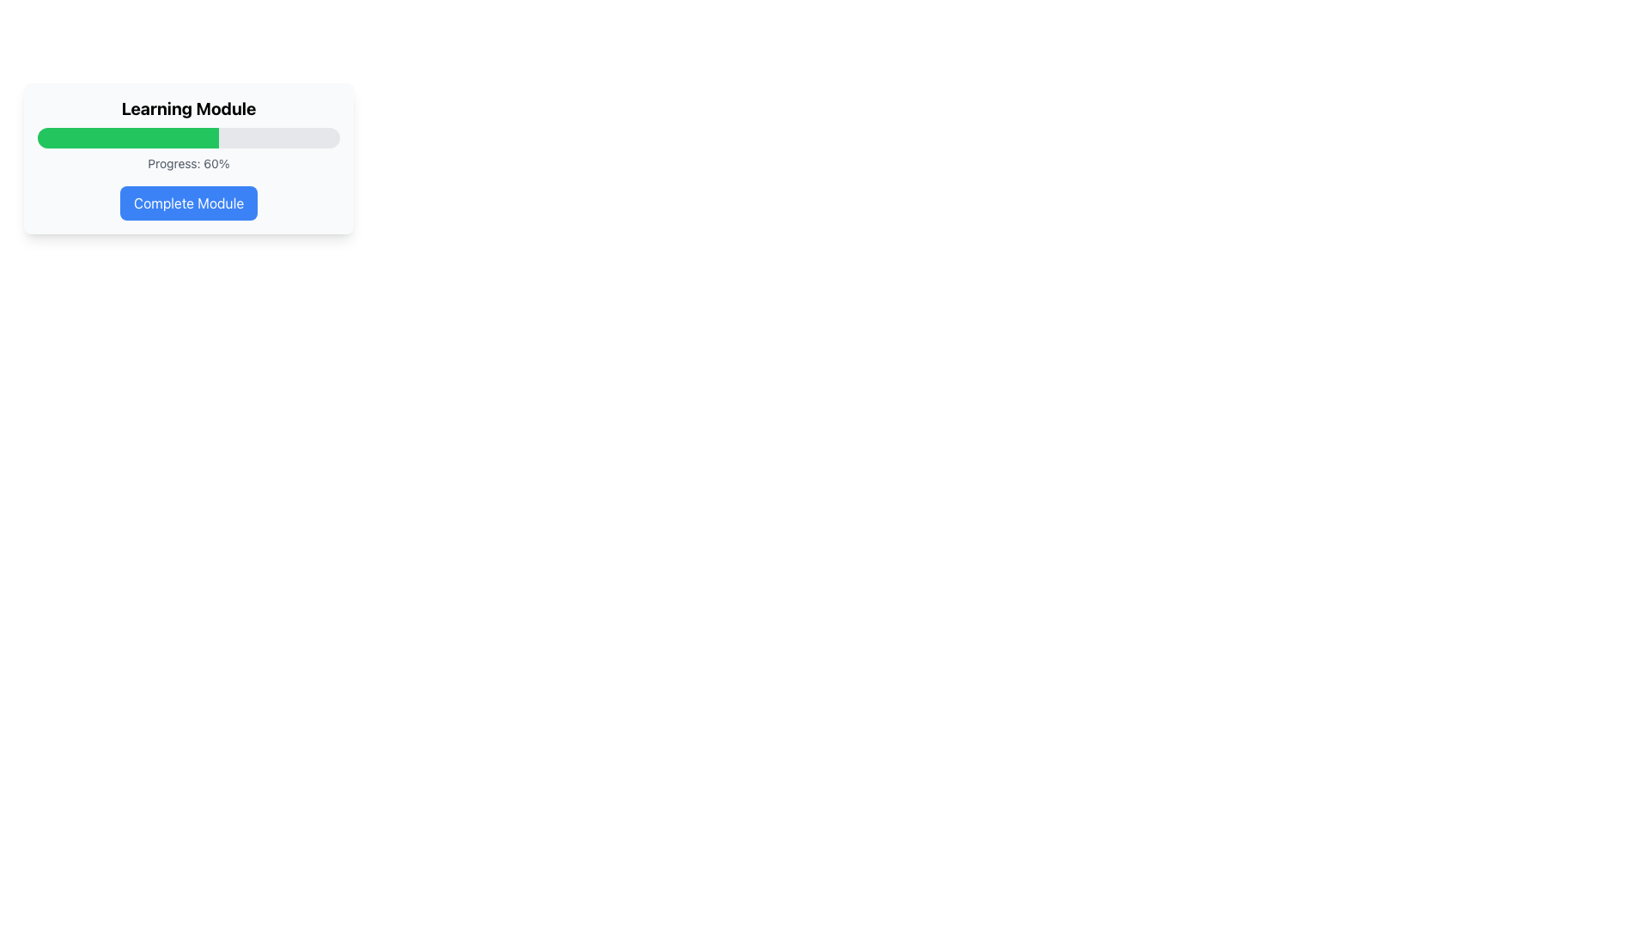 The width and height of the screenshot is (1649, 927). What do you see at coordinates (189, 202) in the screenshot?
I see `the 'Complete Learning Module' button located at the bottom of the card component` at bounding box center [189, 202].